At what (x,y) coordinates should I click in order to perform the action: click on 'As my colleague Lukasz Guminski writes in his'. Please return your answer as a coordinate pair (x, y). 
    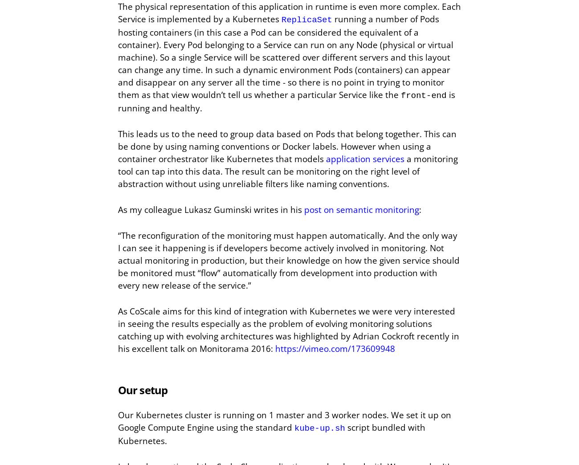
    Looking at the image, I should click on (117, 209).